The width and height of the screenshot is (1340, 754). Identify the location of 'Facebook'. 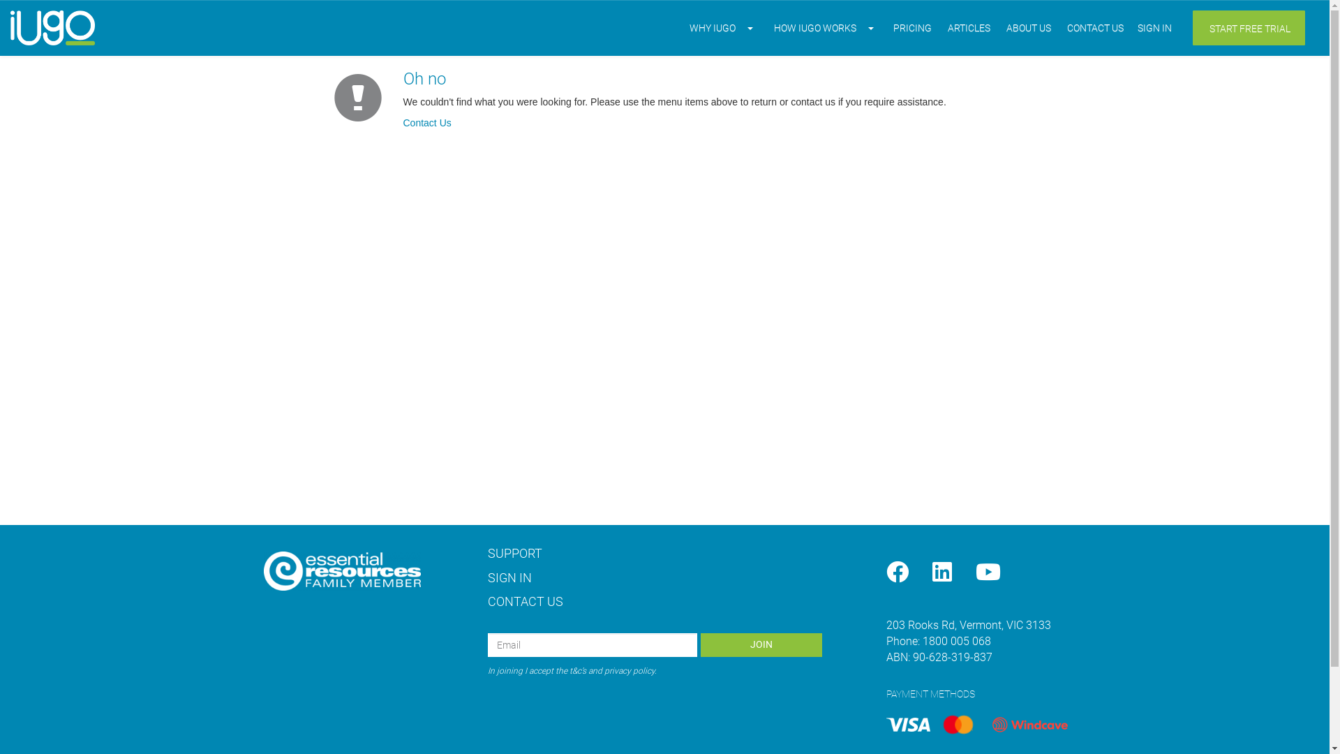
(898, 572).